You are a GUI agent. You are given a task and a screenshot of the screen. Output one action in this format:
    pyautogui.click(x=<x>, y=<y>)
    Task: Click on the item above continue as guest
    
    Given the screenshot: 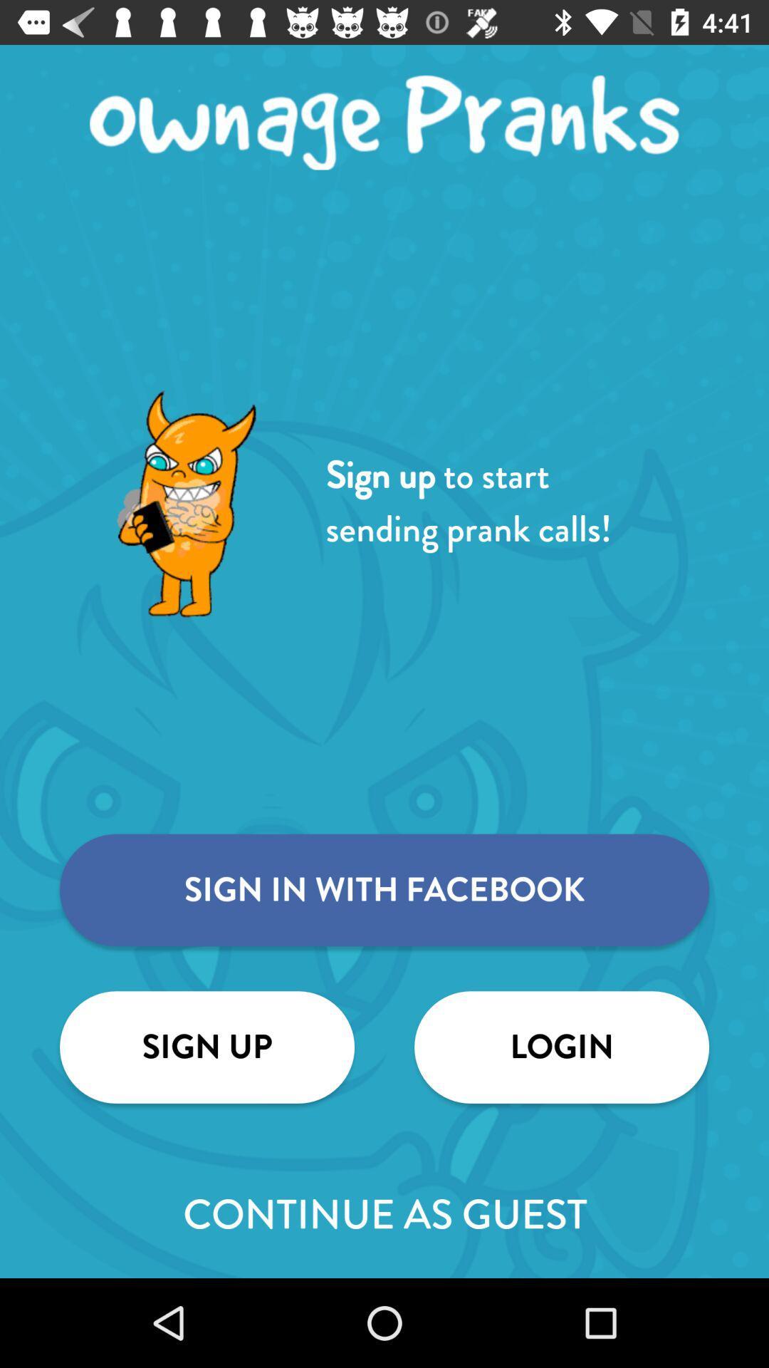 What is the action you would take?
    pyautogui.click(x=561, y=1047)
    